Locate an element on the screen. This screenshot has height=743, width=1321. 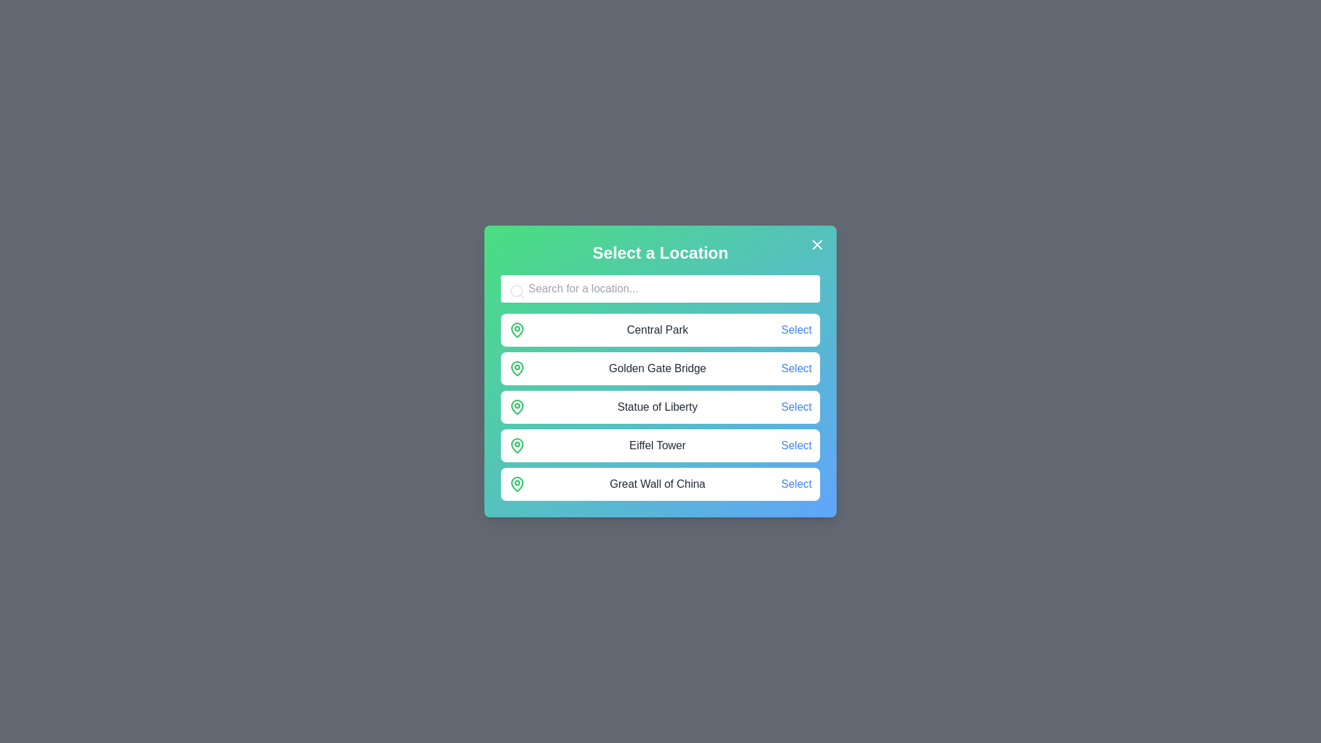
the close button to dismiss the dialog is located at coordinates (817, 244).